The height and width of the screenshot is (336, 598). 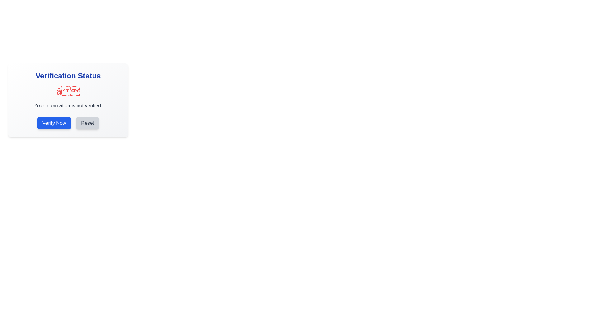 I want to click on the button group containing 'Verify Now' and 'Reset' buttons, so click(x=68, y=123).